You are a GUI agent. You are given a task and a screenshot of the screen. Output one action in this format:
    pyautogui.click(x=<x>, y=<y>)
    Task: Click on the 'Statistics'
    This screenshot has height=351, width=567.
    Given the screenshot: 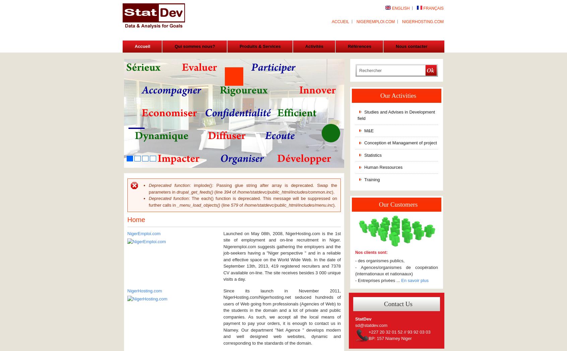 What is the action you would take?
    pyautogui.click(x=373, y=154)
    